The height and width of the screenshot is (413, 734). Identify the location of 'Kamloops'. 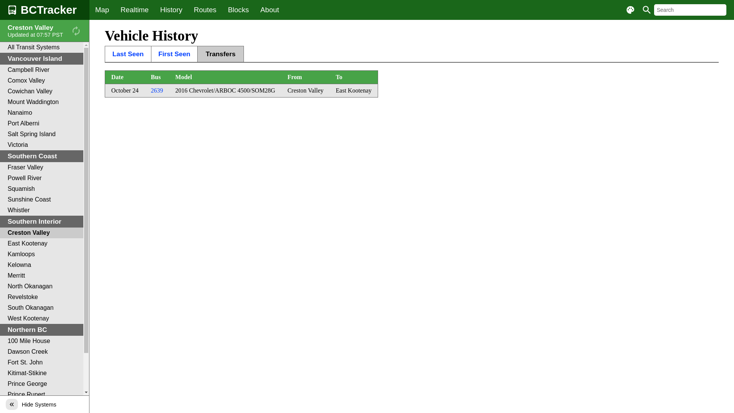
(41, 254).